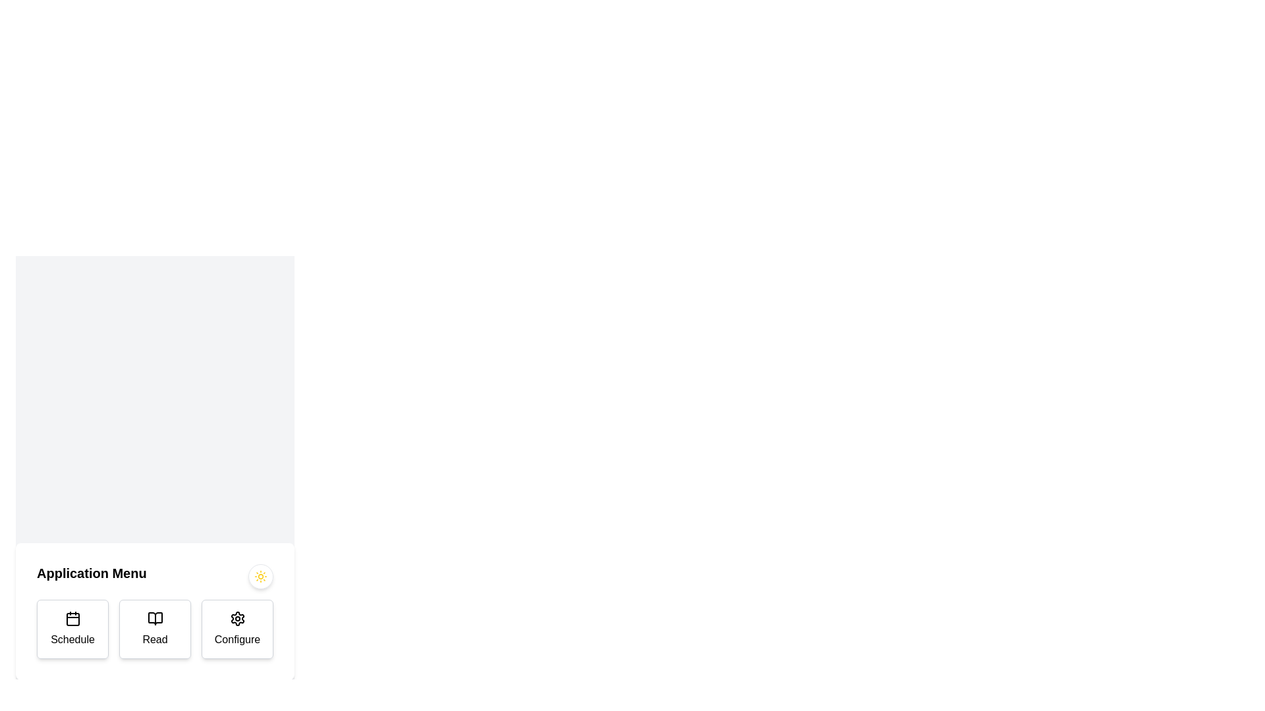 The width and height of the screenshot is (1265, 711). What do you see at coordinates (91, 575) in the screenshot?
I see `the bold text label displaying 'Application Menu' located in the header section of the interface` at bounding box center [91, 575].